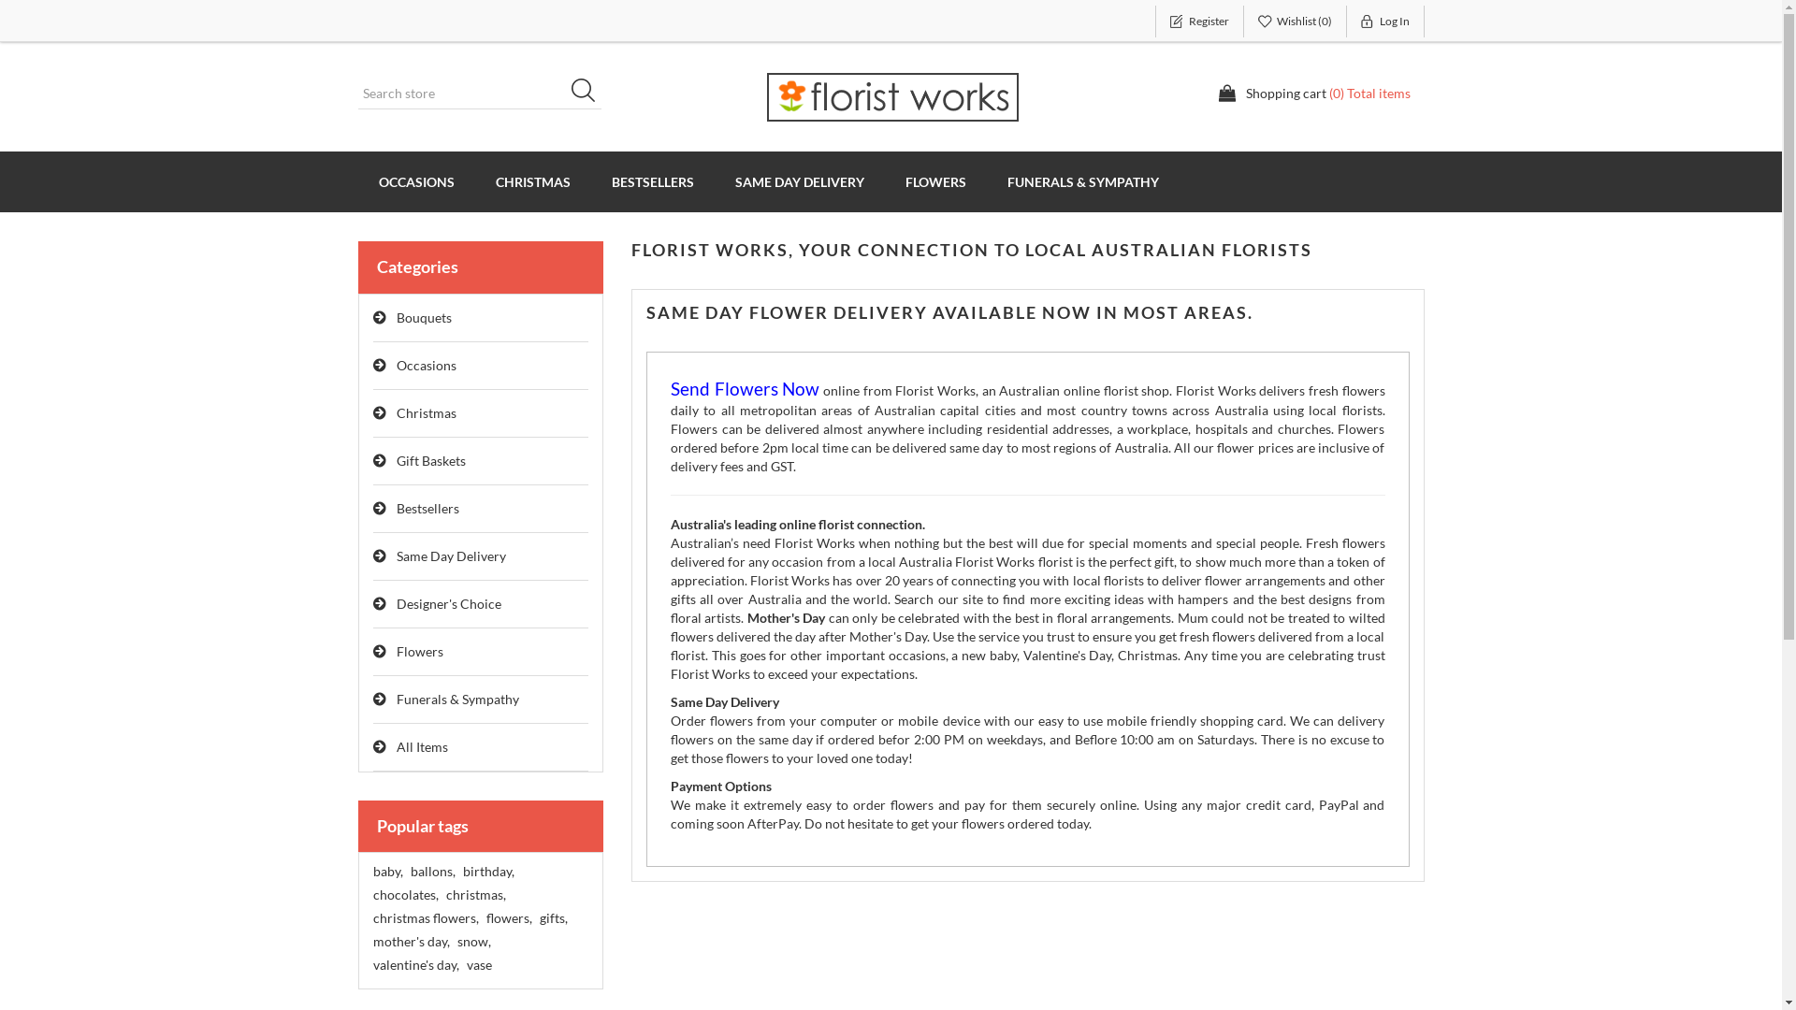 The width and height of the screenshot is (1796, 1010). I want to click on 'Same Day Delivery', so click(372, 555).